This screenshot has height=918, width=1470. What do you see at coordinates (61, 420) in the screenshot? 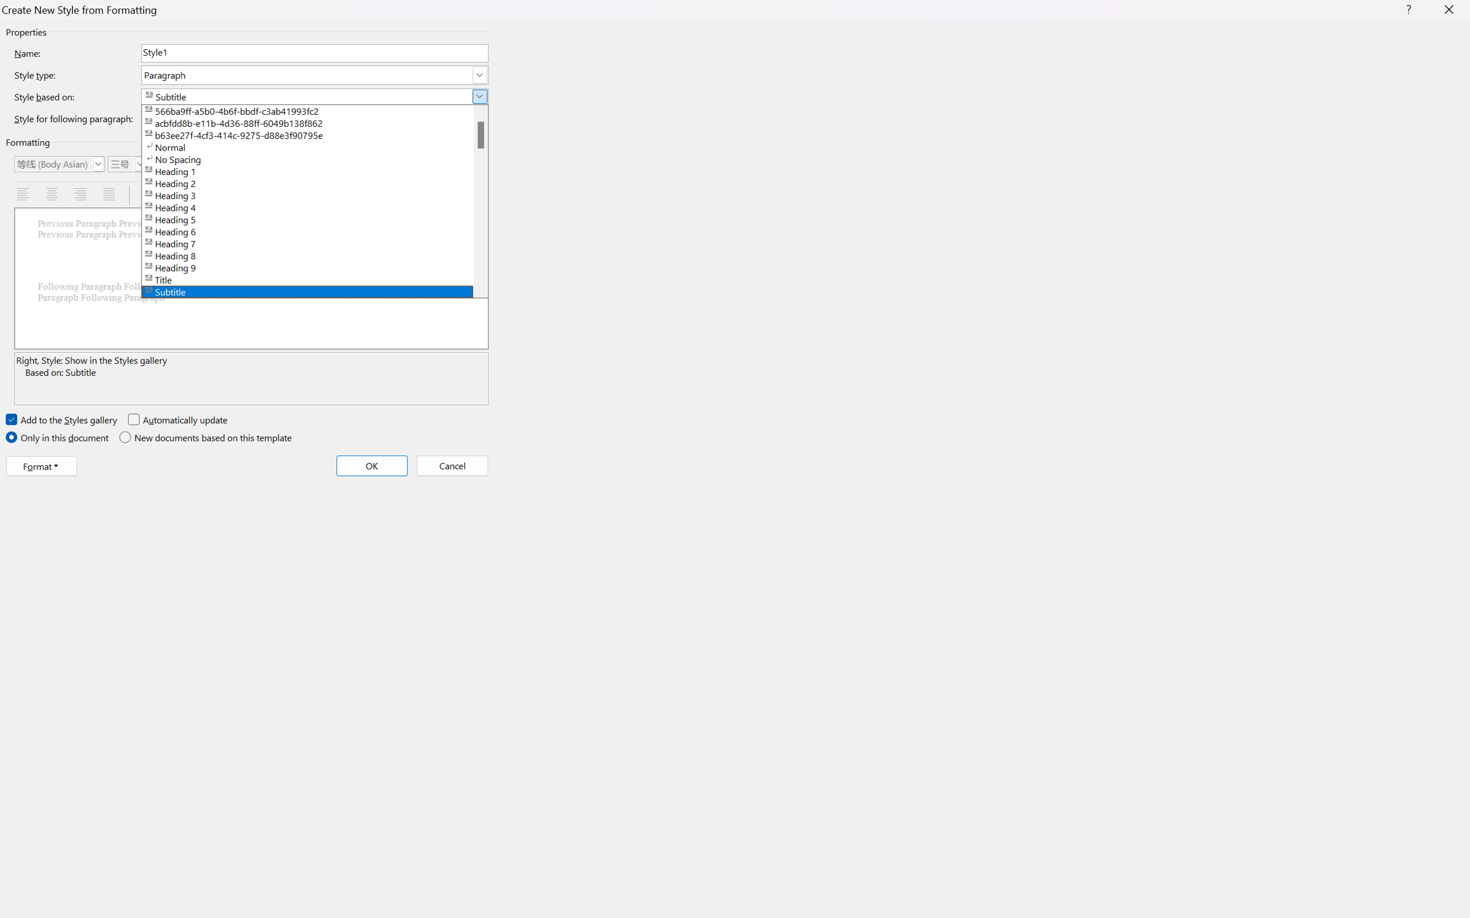
I see `'Add to the Styles gallery'` at bounding box center [61, 420].